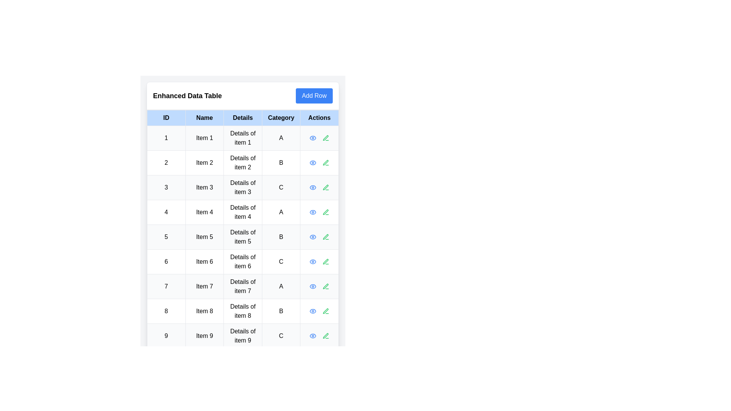  Describe the element at coordinates (326, 261) in the screenshot. I see `the green pen icon in the 'Actions' column of the table for 'Item 6'` at that location.